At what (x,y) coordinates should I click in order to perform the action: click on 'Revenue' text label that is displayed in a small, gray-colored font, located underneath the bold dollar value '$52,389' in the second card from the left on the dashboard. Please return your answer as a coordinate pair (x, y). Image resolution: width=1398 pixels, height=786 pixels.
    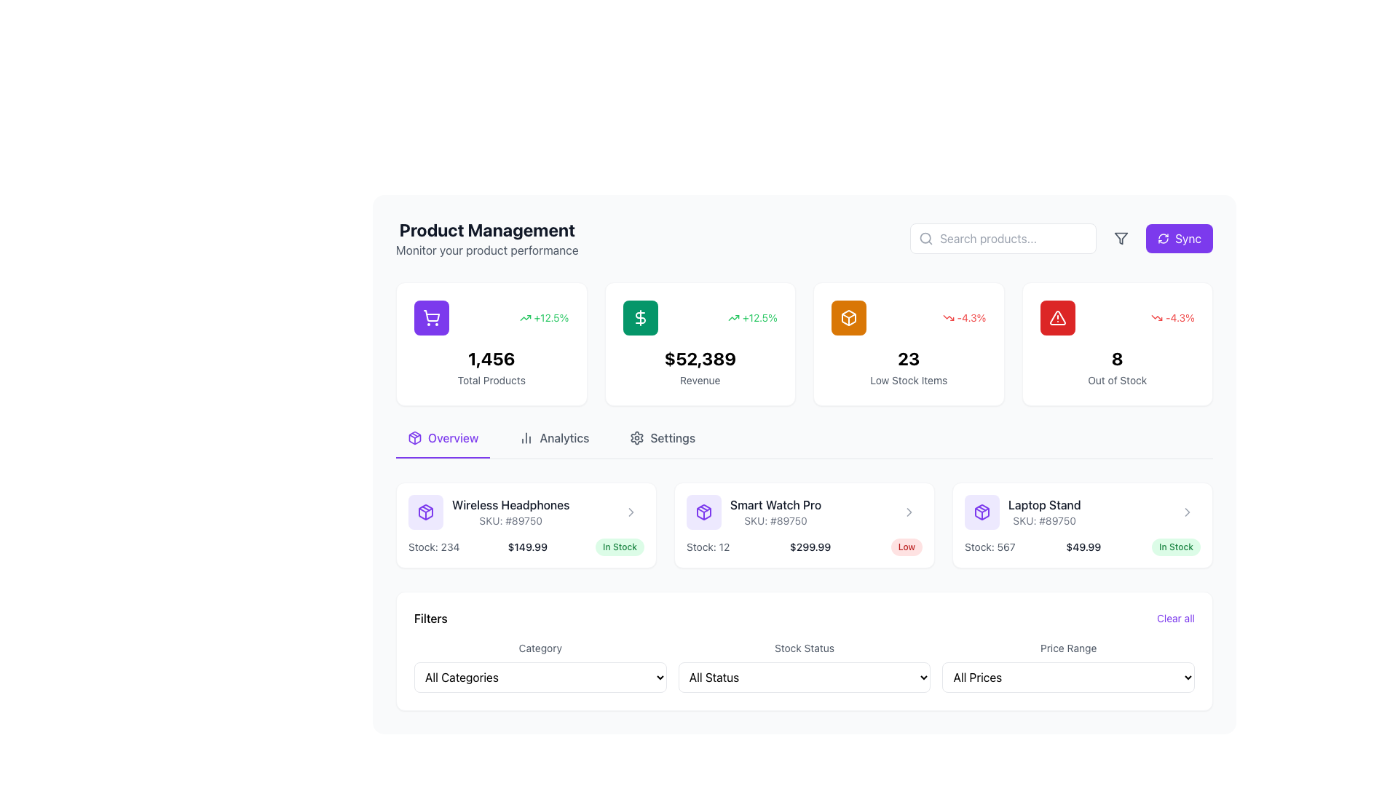
    Looking at the image, I should click on (700, 380).